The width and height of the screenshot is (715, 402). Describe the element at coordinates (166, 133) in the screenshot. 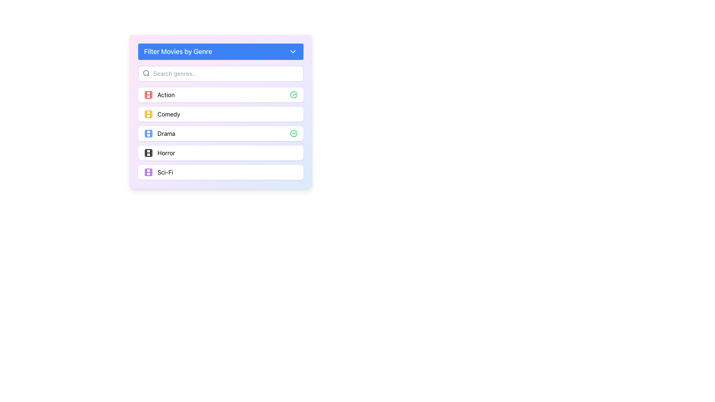

I see `the 'Drama' text label` at that location.